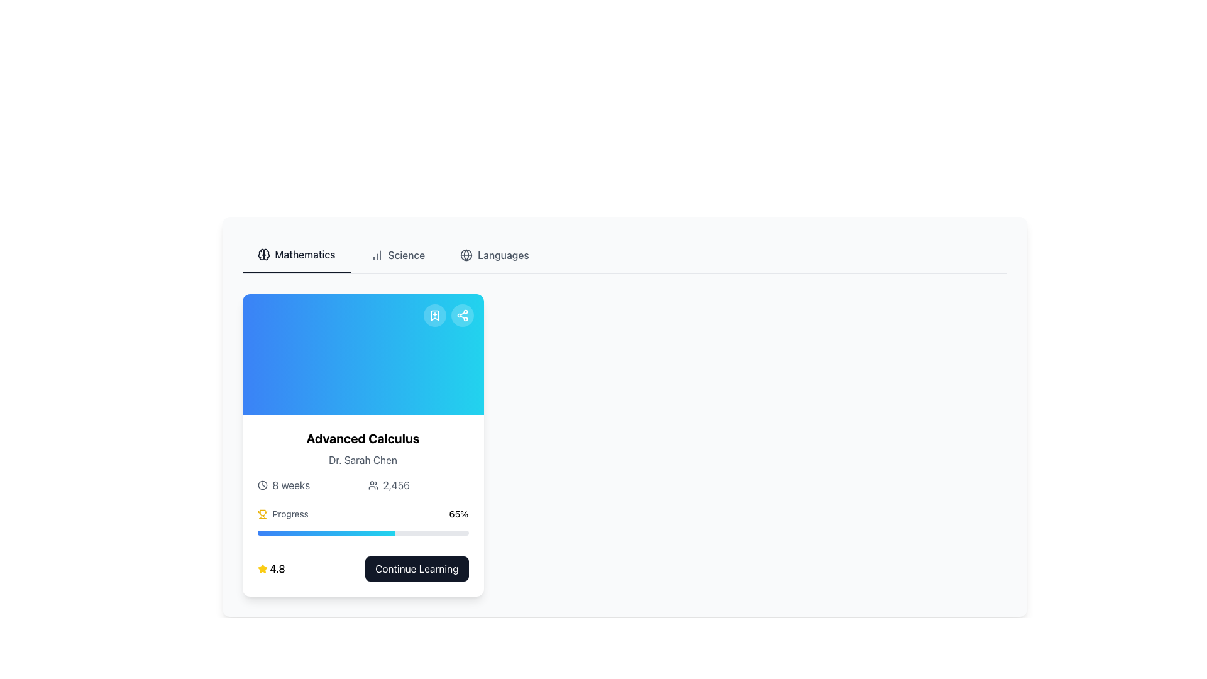 This screenshot has width=1207, height=679. What do you see at coordinates (397, 255) in the screenshot?
I see `the 'Science' navigation tab, which is the second item in a horizontal list of tabs located at the top of the interface, positioned between 'Mathematics' and 'Languages'` at bounding box center [397, 255].